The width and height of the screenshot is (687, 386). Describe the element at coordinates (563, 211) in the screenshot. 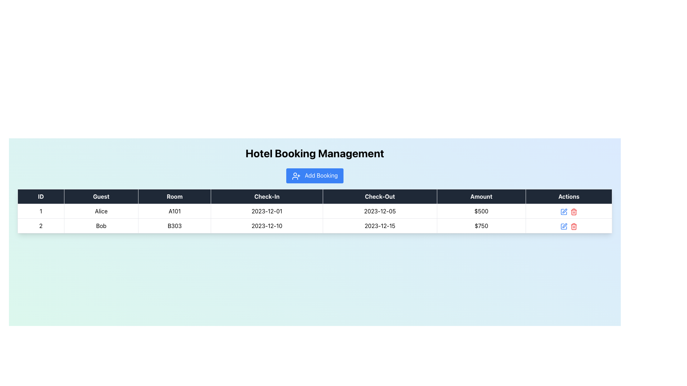

I see `the 'Edit' icon button in the 'Actions' column of the second row` at that location.